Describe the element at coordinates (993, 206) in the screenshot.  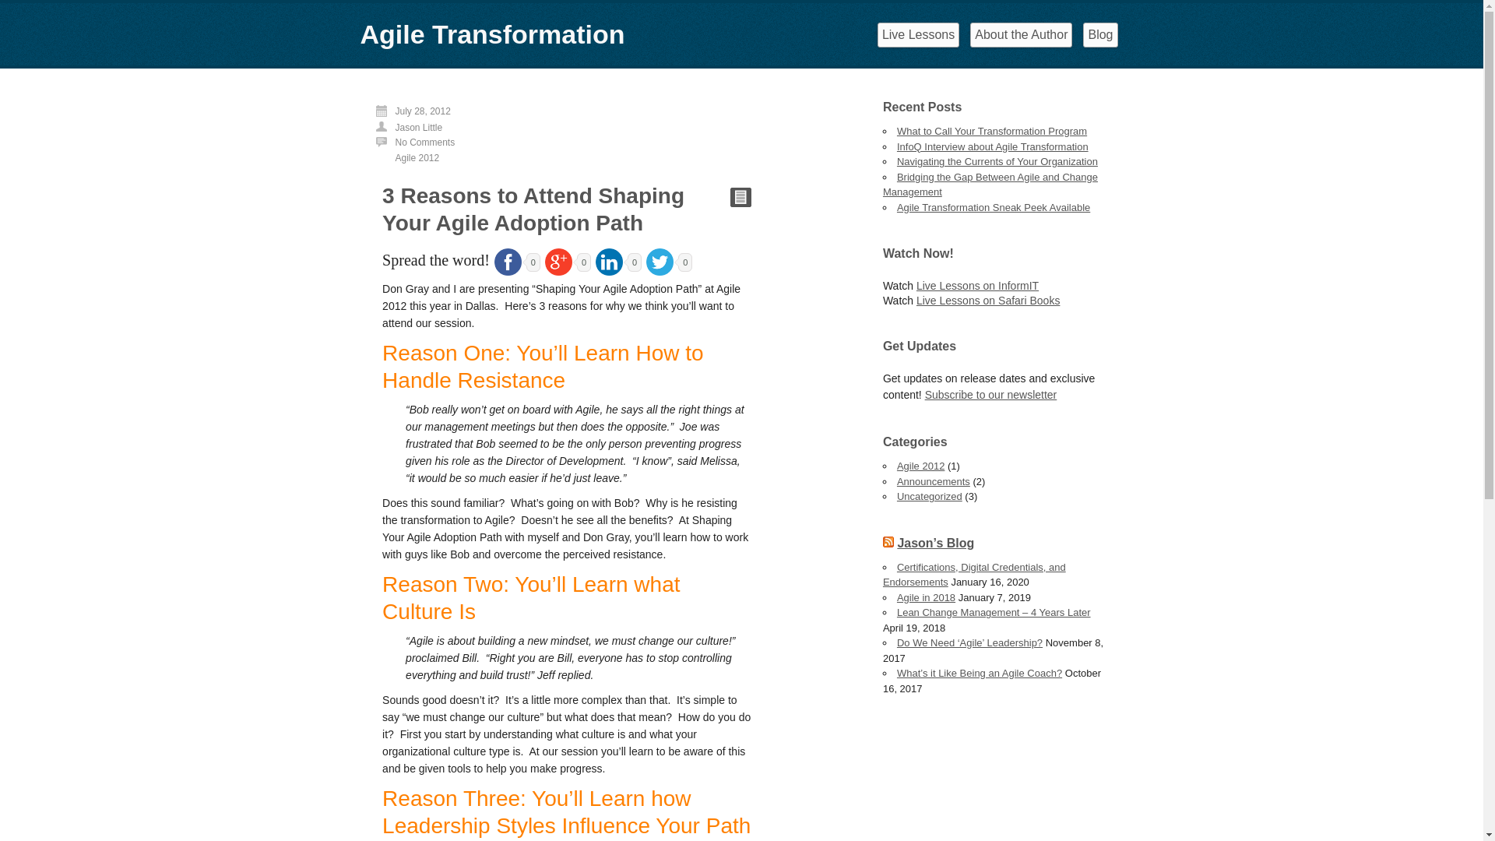
I see `'Agile Transformation Sneak Peek Available'` at that location.